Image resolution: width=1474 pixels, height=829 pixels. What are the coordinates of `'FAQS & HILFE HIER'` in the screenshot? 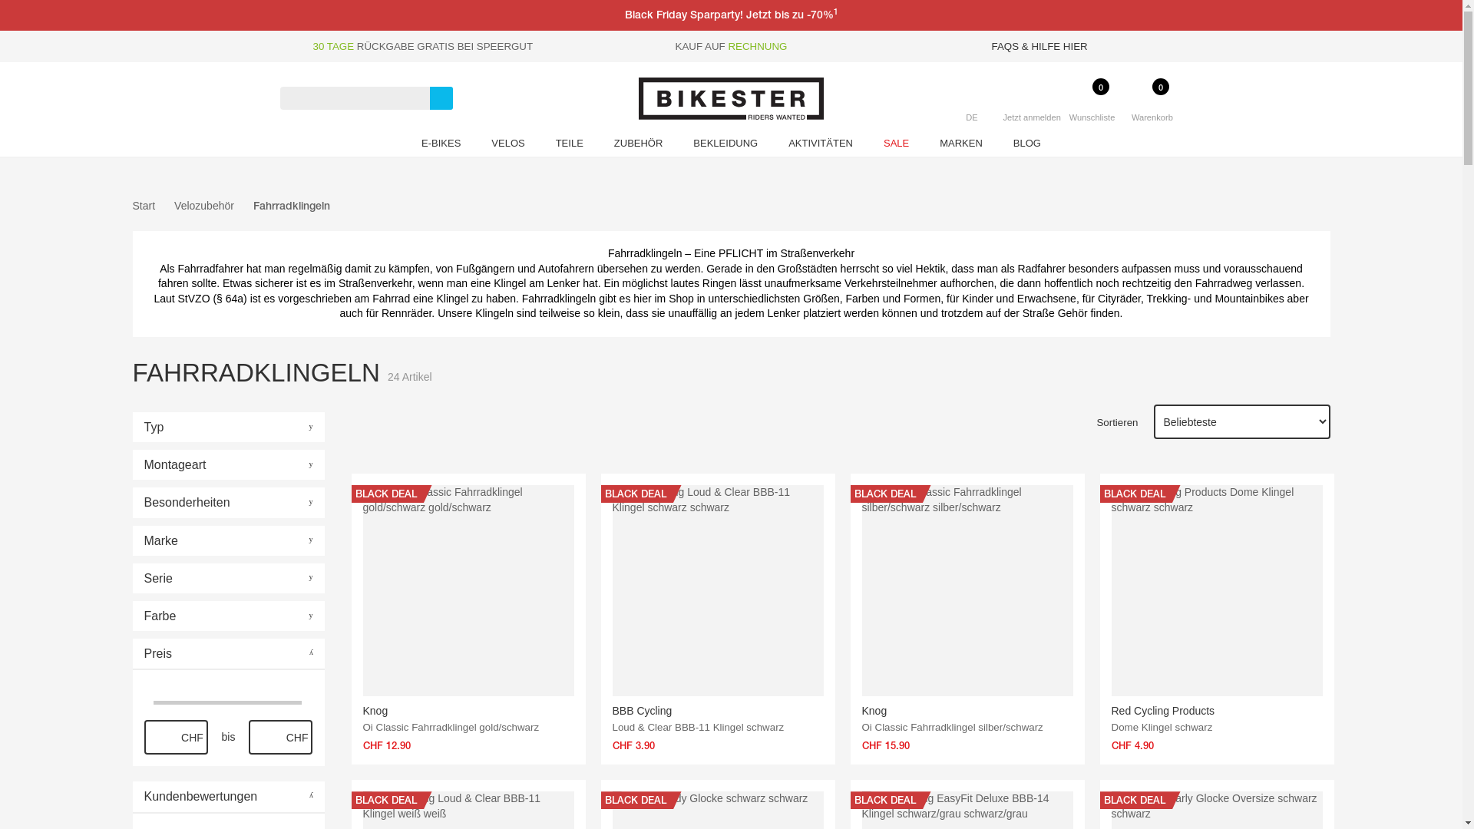 It's located at (1039, 45).